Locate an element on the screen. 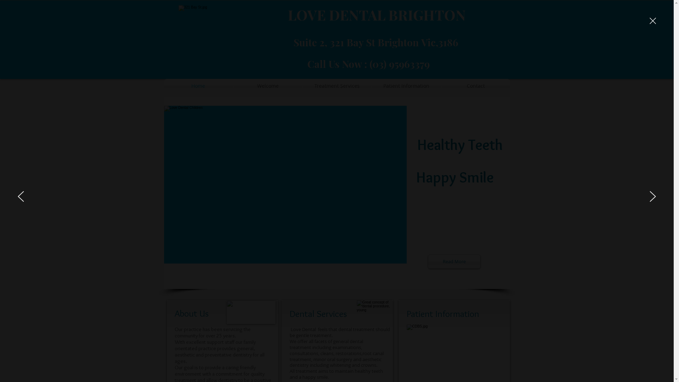 The height and width of the screenshot is (382, 679). 'Welcome' is located at coordinates (267, 85).